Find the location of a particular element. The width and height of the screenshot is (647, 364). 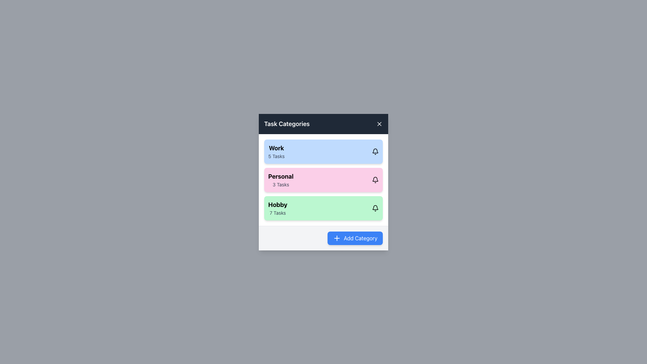

the 'Add Category' text within the blue button is located at coordinates (360, 238).